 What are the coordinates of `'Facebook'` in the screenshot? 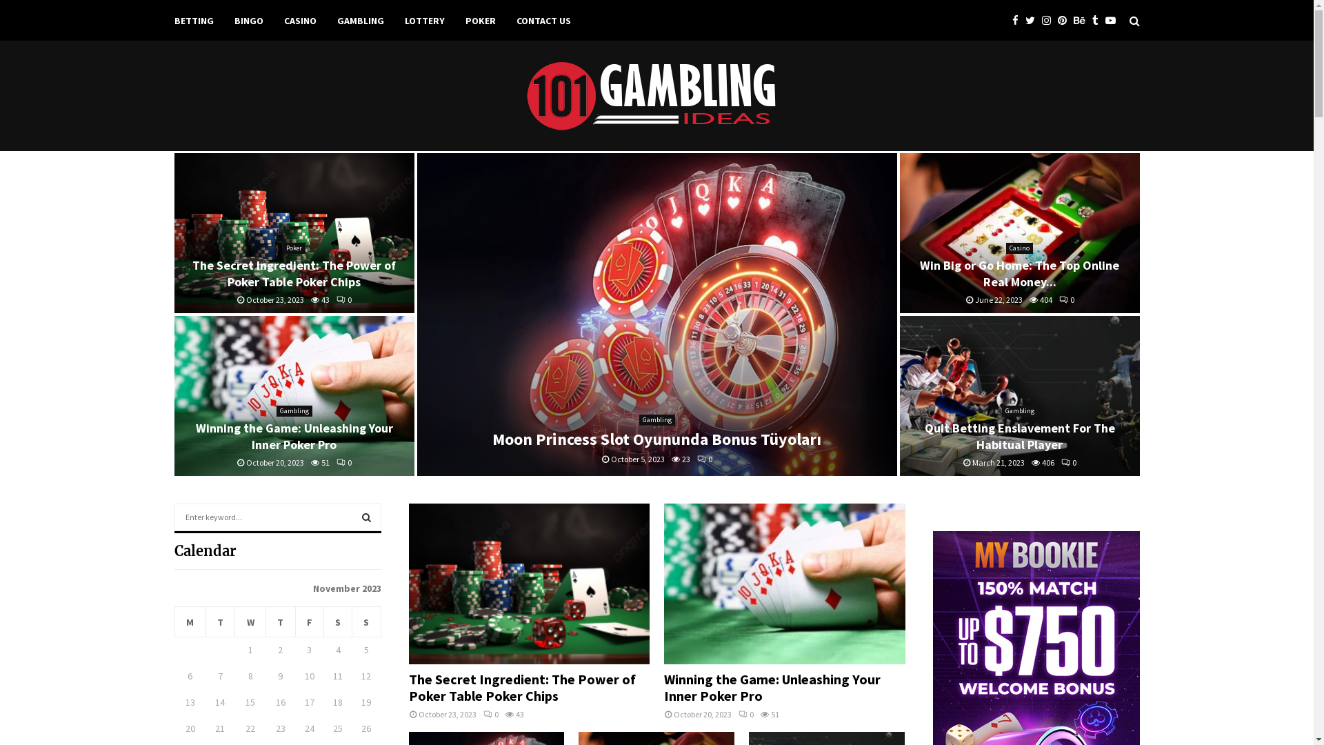 It's located at (1019, 21).